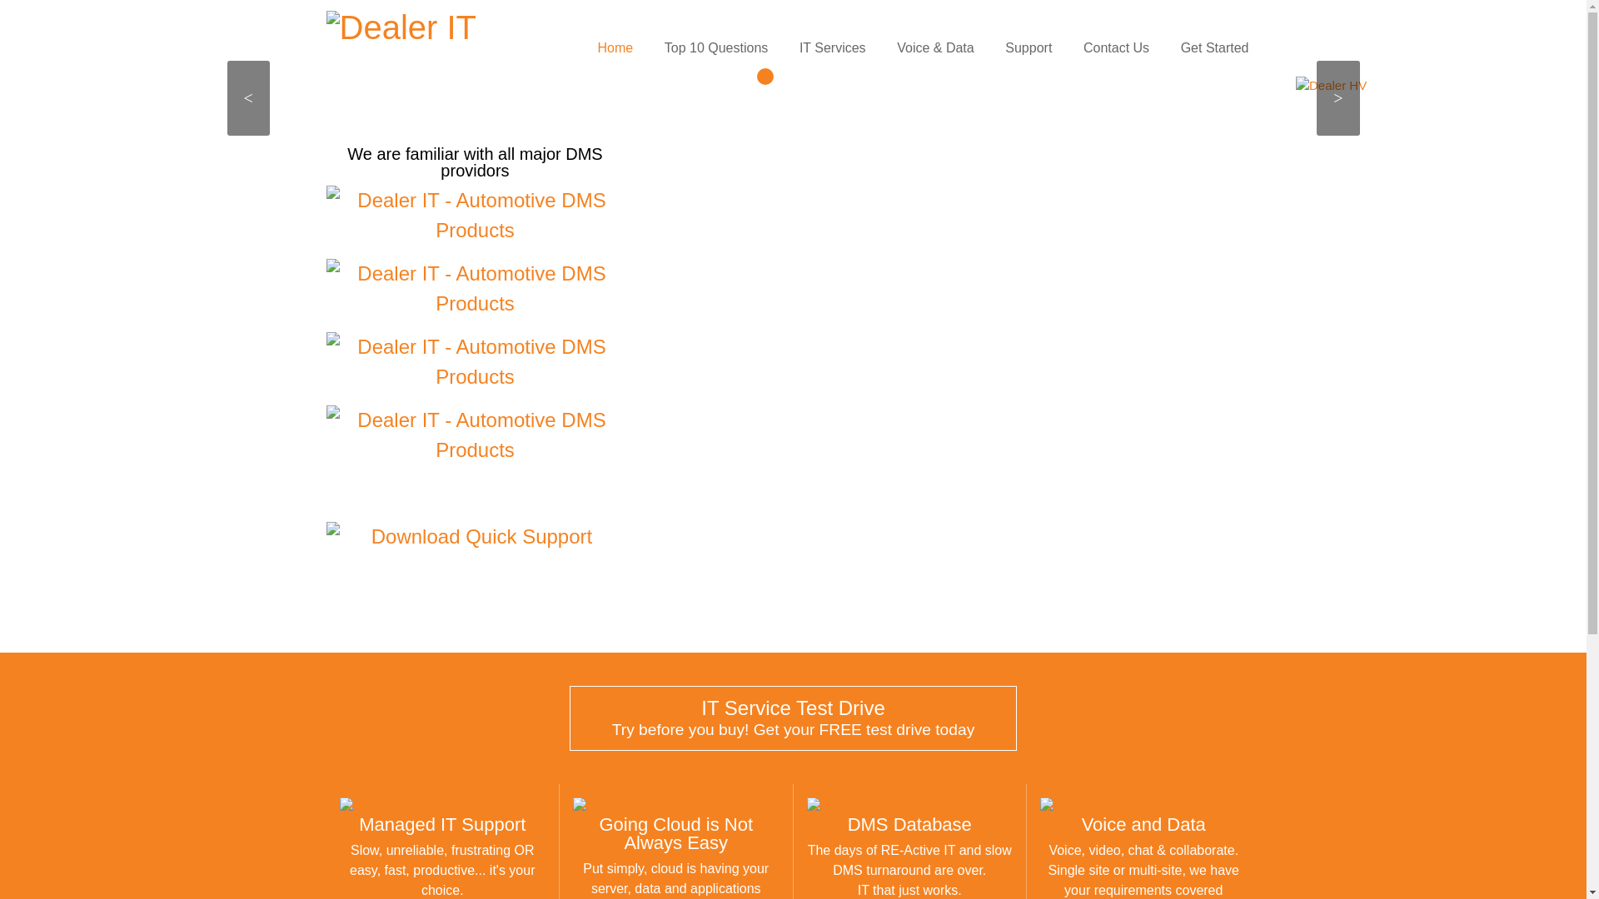 The width and height of the screenshot is (1599, 899). Describe the element at coordinates (832, 47) in the screenshot. I see `'IT Services'` at that location.